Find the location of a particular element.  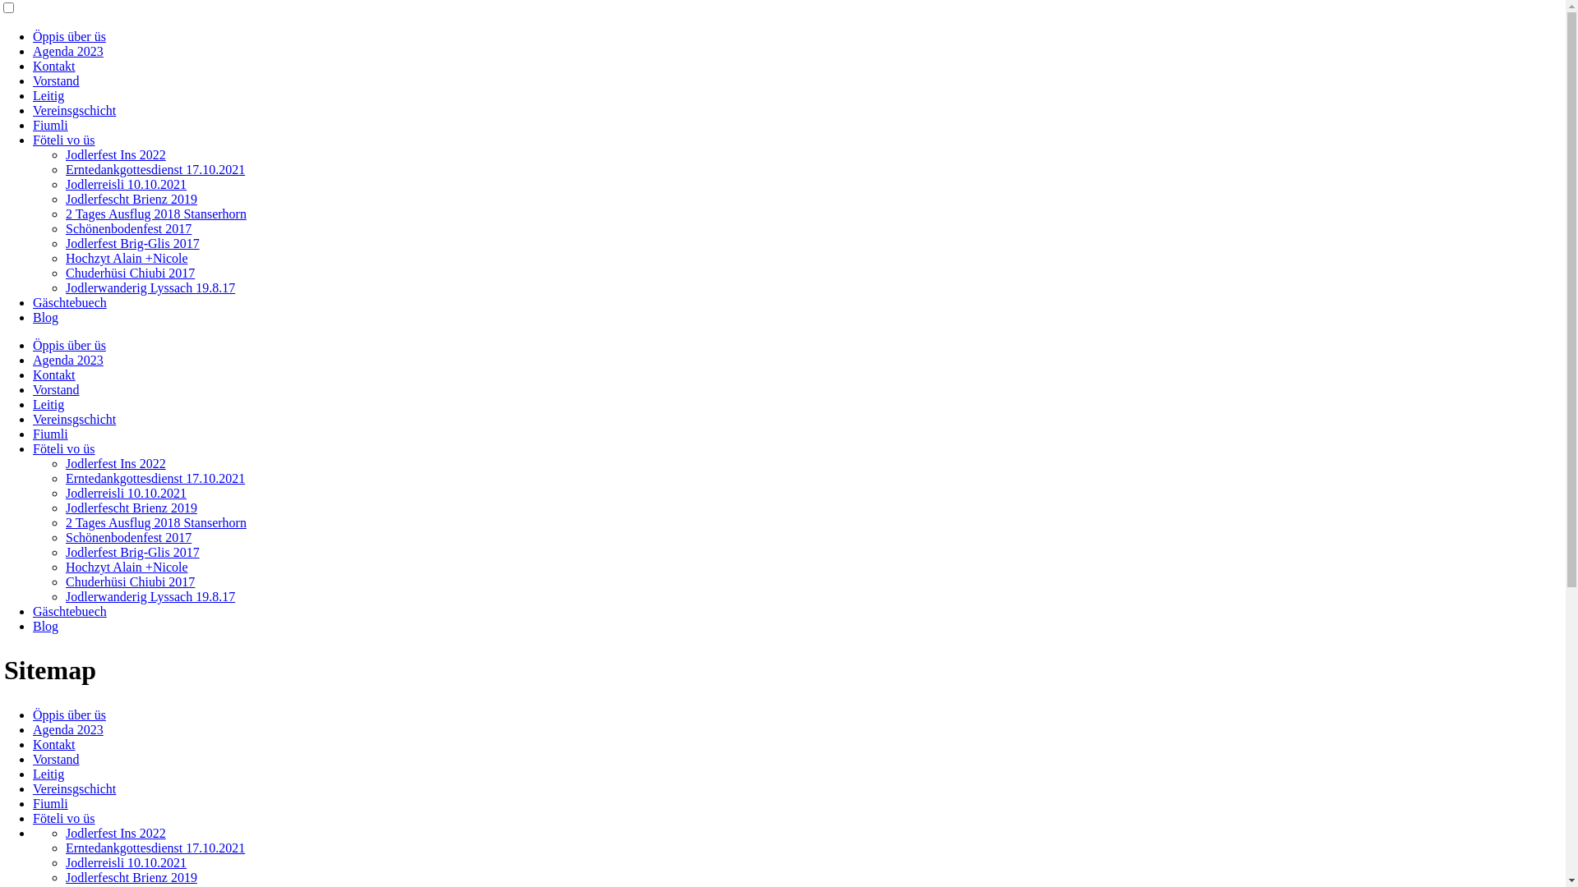

'Agenda 2023' is located at coordinates (67, 50).